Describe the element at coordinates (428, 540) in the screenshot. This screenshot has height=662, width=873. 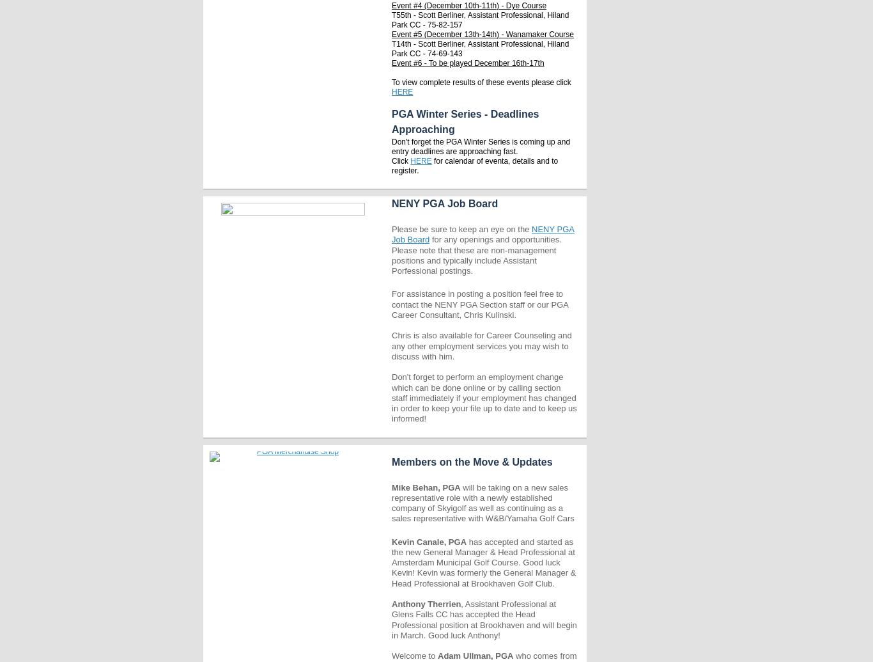
I see `'Kevin Canale, PGA'` at that location.